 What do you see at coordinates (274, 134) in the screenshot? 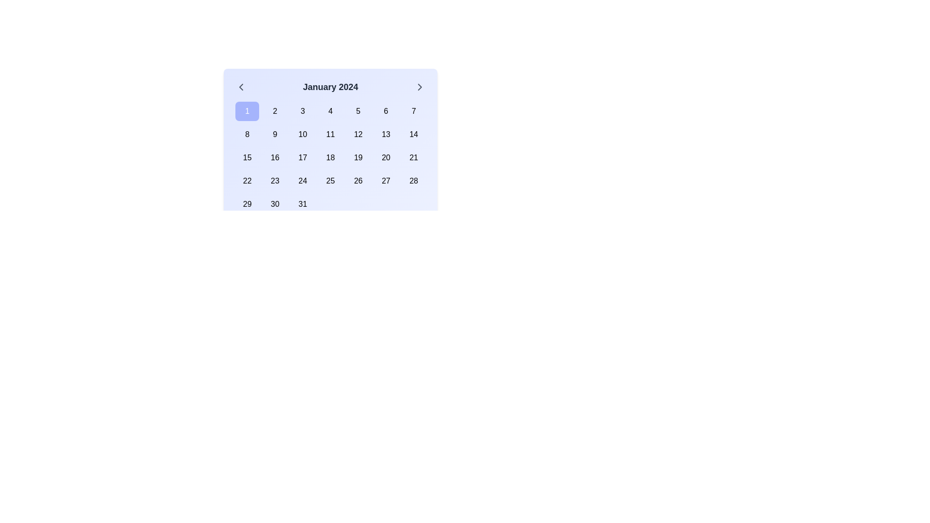
I see `the interactive calendar day button that represents the 9th date of the month to trigger the hover effect` at bounding box center [274, 134].